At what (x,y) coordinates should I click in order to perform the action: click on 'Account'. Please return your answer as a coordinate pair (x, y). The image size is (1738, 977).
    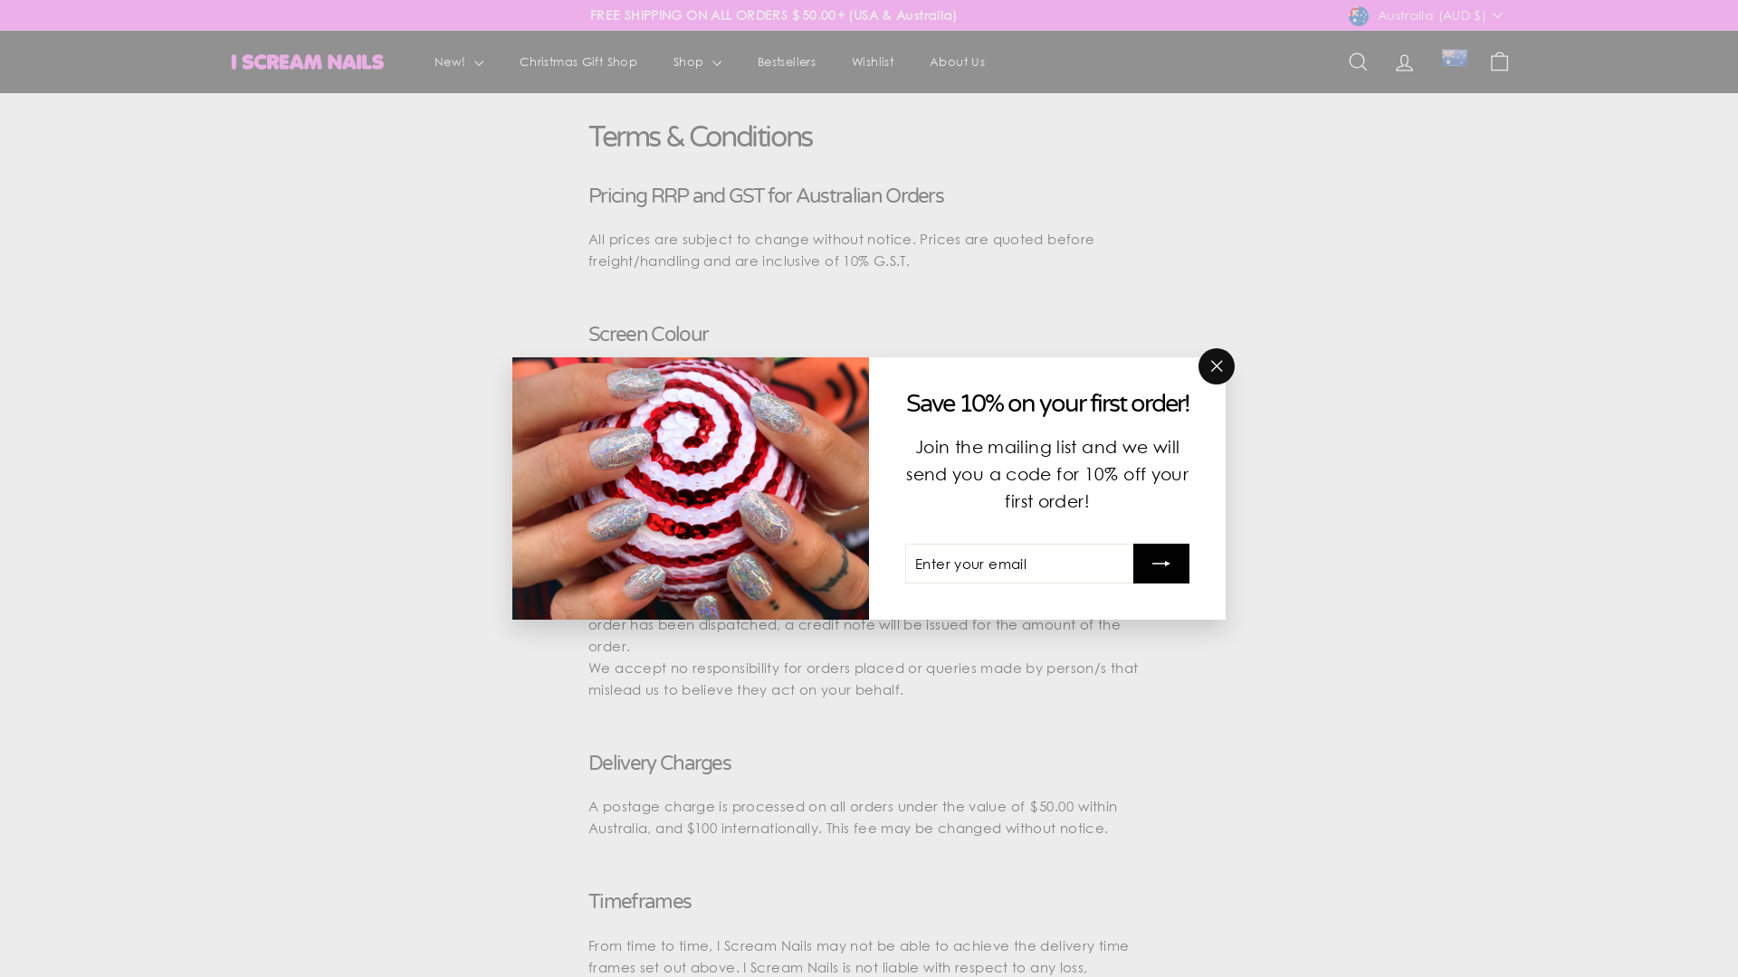
    Looking at the image, I should click on (1380, 61).